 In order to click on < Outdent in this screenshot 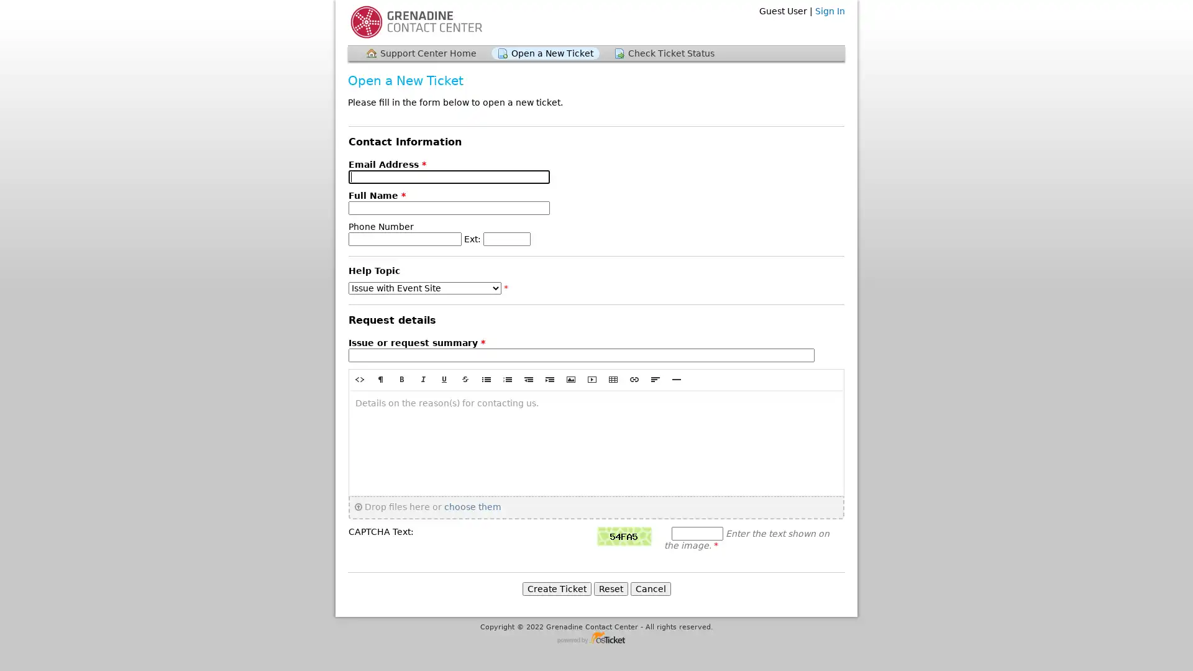, I will do `click(528, 378)`.